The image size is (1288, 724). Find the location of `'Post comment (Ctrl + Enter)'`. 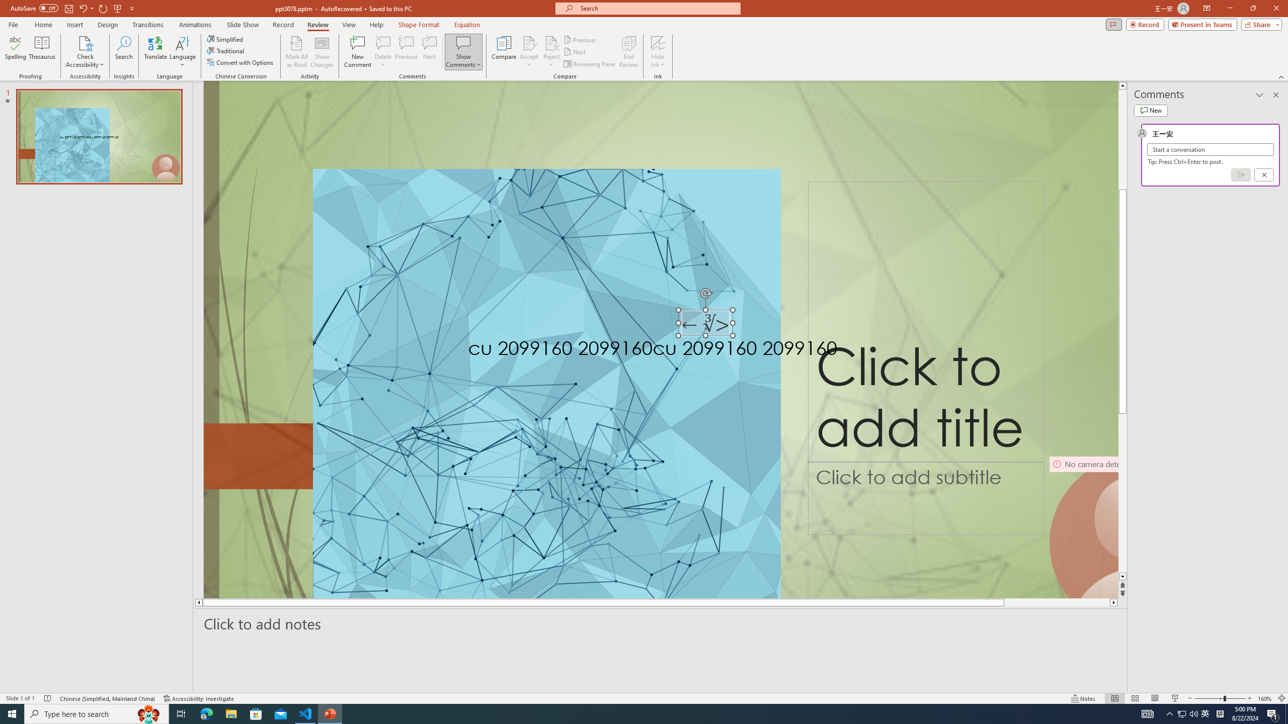

'Post comment (Ctrl + Enter)' is located at coordinates (1241, 175).